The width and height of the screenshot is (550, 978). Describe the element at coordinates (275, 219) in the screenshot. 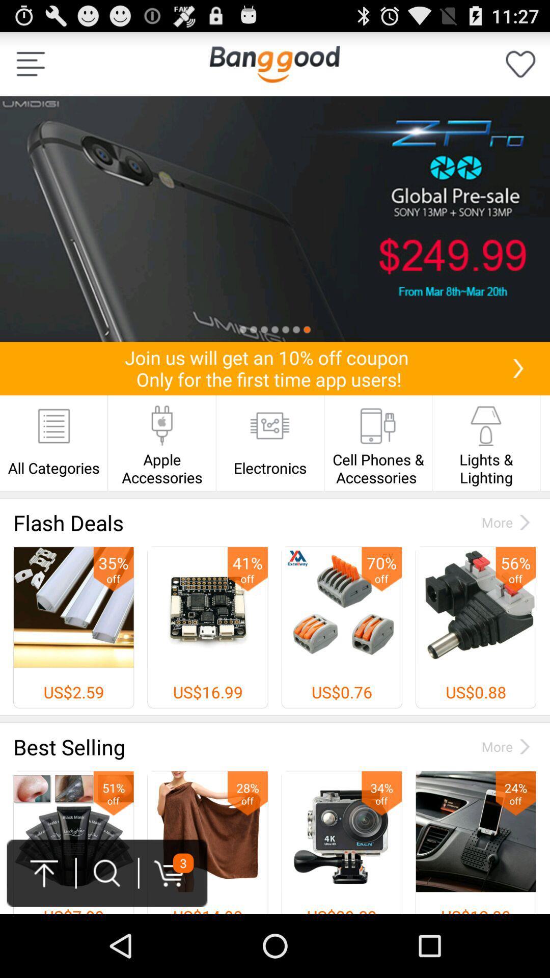

I see `the icon above join us will icon` at that location.